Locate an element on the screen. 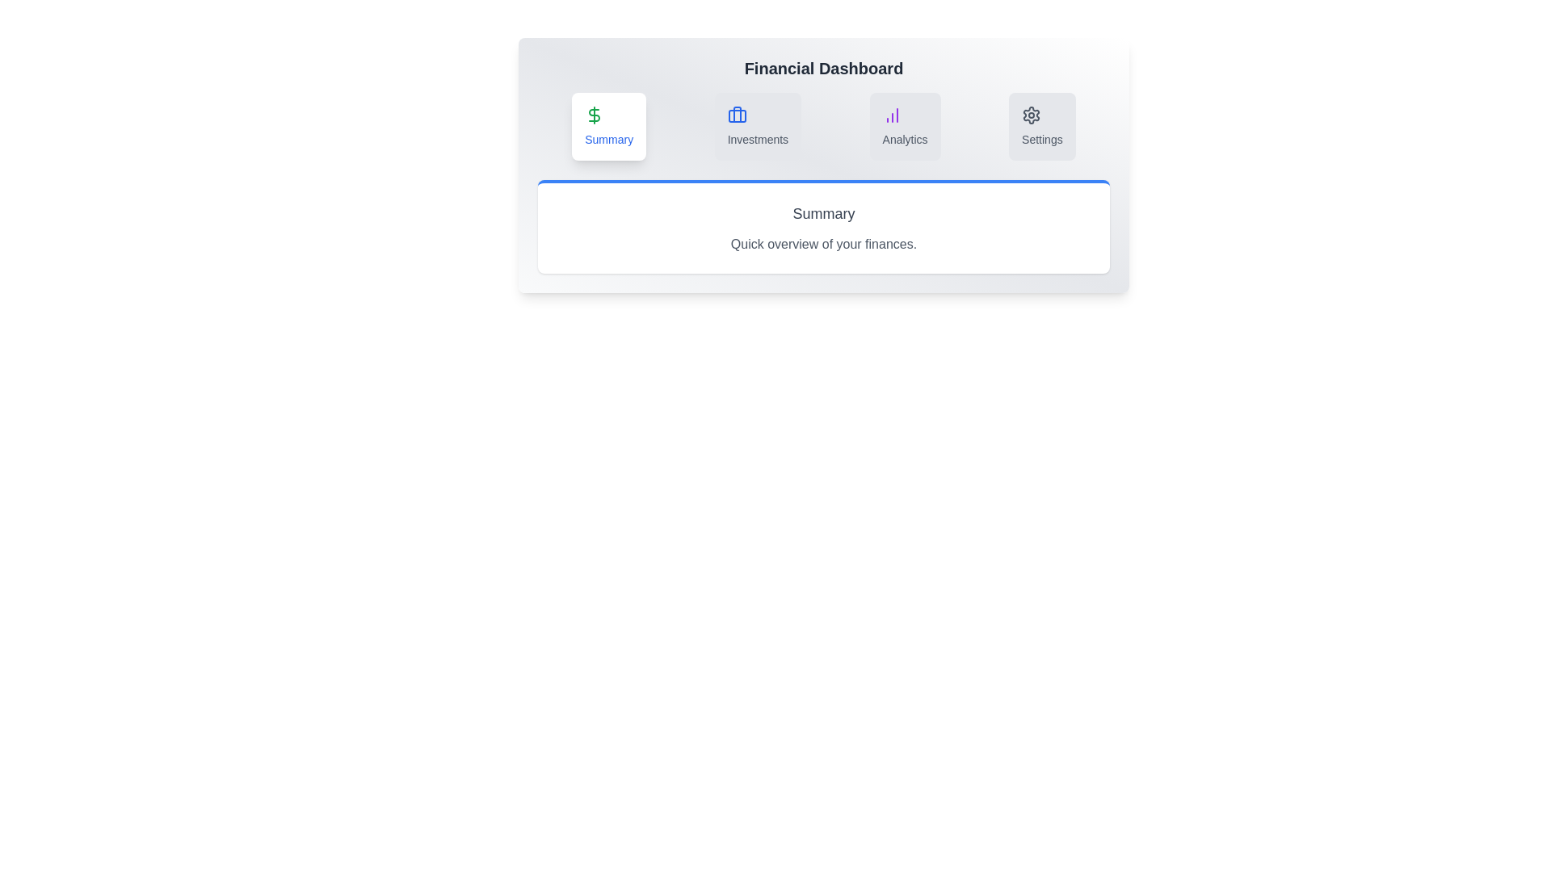  the tab with the label Settings is located at coordinates (1042, 126).